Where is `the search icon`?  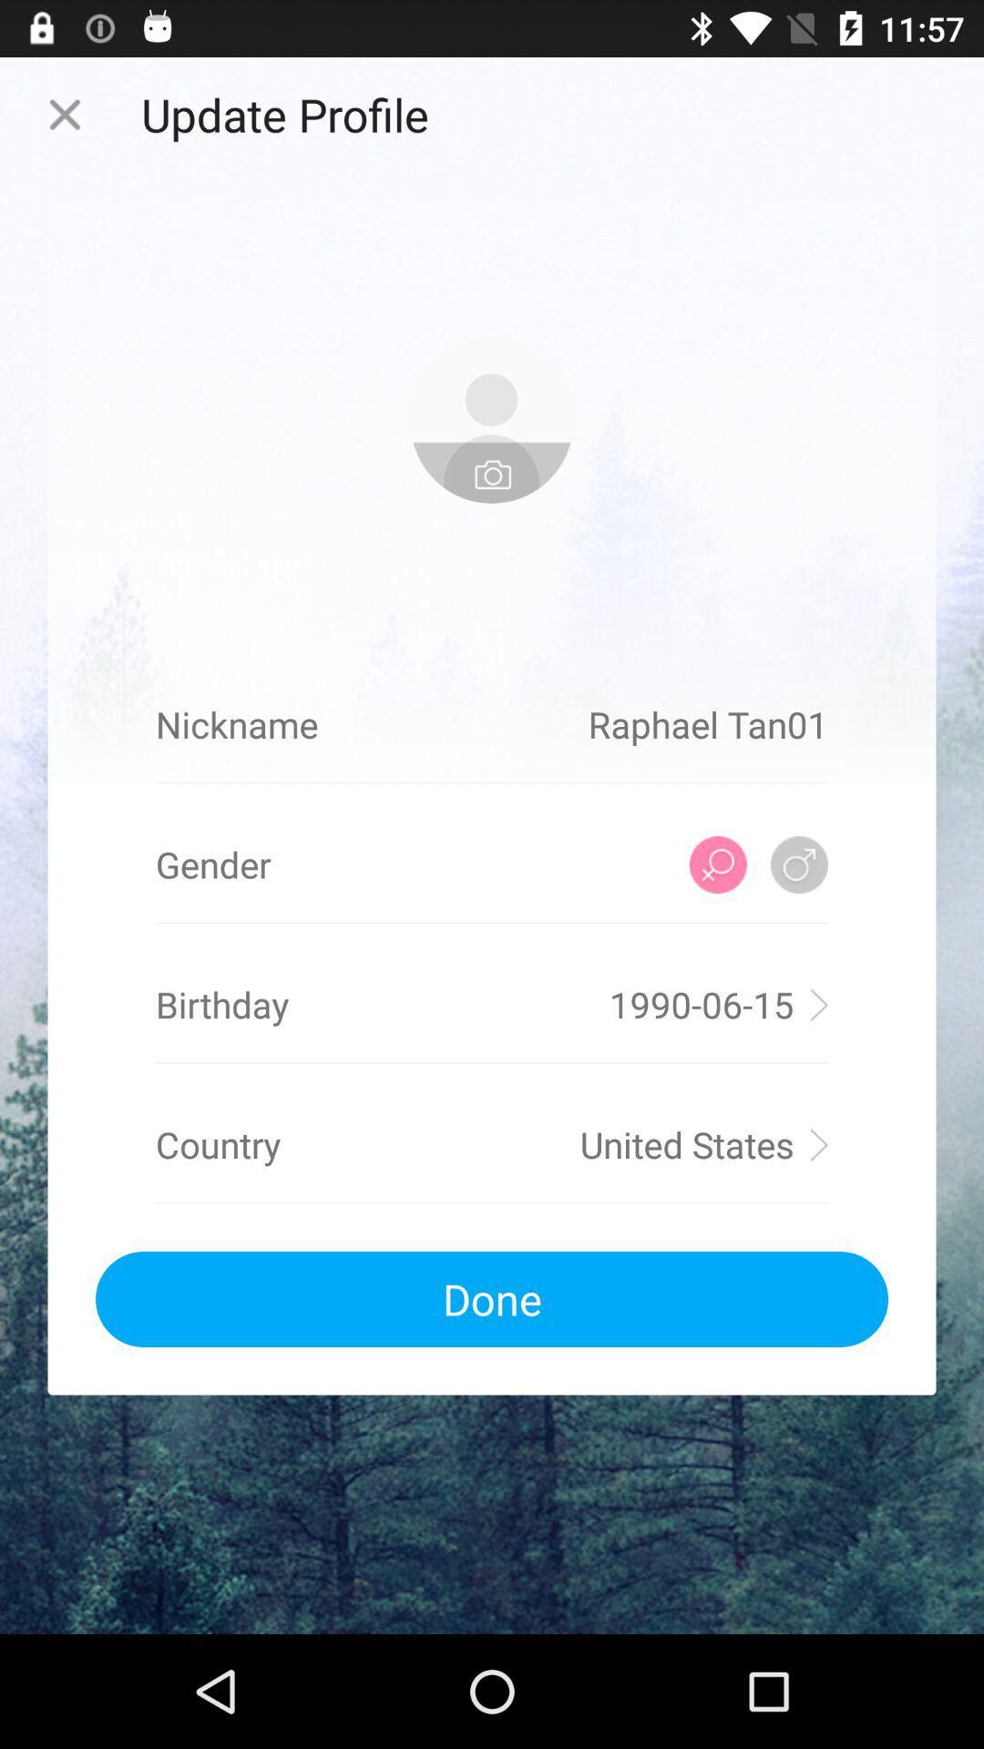 the search icon is located at coordinates (717, 926).